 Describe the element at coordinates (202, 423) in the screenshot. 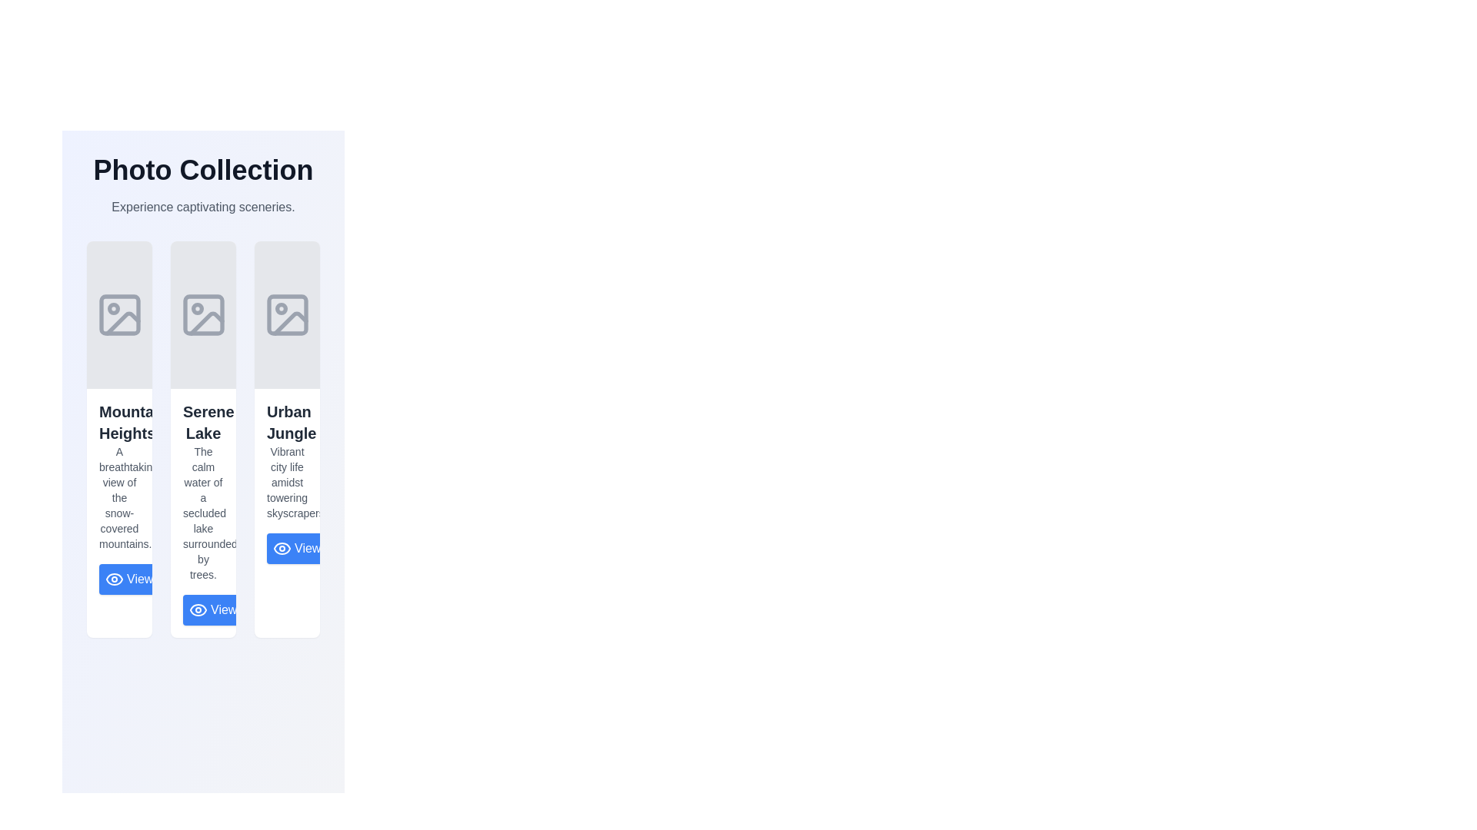

I see `the text element displaying 'Serene Lake', which is styled as a prominent heading in dark gray color, bold formatting, and larger font size, located at the center of the second card in a three-card layout` at that location.